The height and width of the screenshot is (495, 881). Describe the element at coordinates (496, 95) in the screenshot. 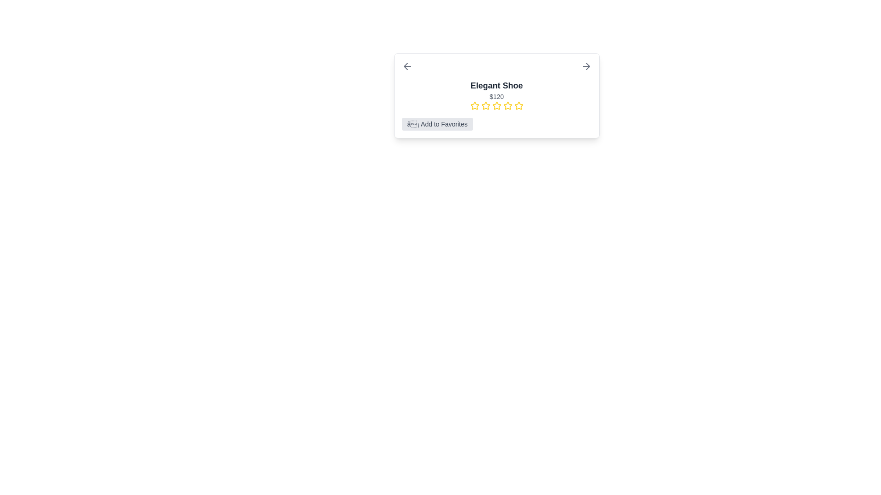

I see `price displayed as '$120' below the title 'Elegant Shoe', which is part of a composite element containing text labels and icons` at that location.